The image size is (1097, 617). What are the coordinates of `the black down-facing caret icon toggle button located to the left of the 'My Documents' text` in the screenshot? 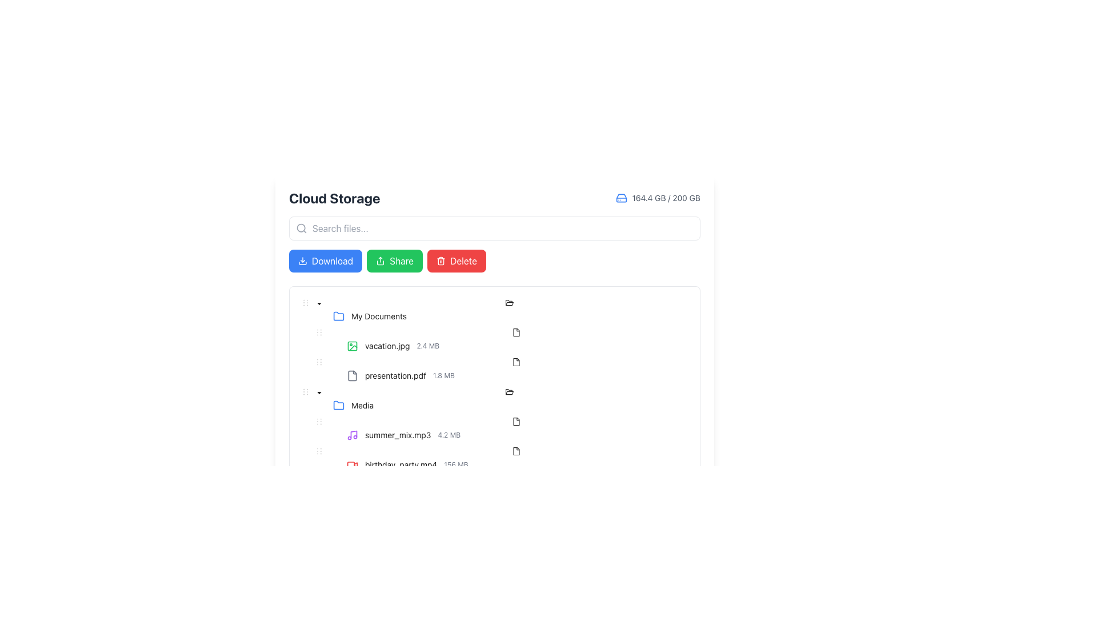 It's located at (319, 310).